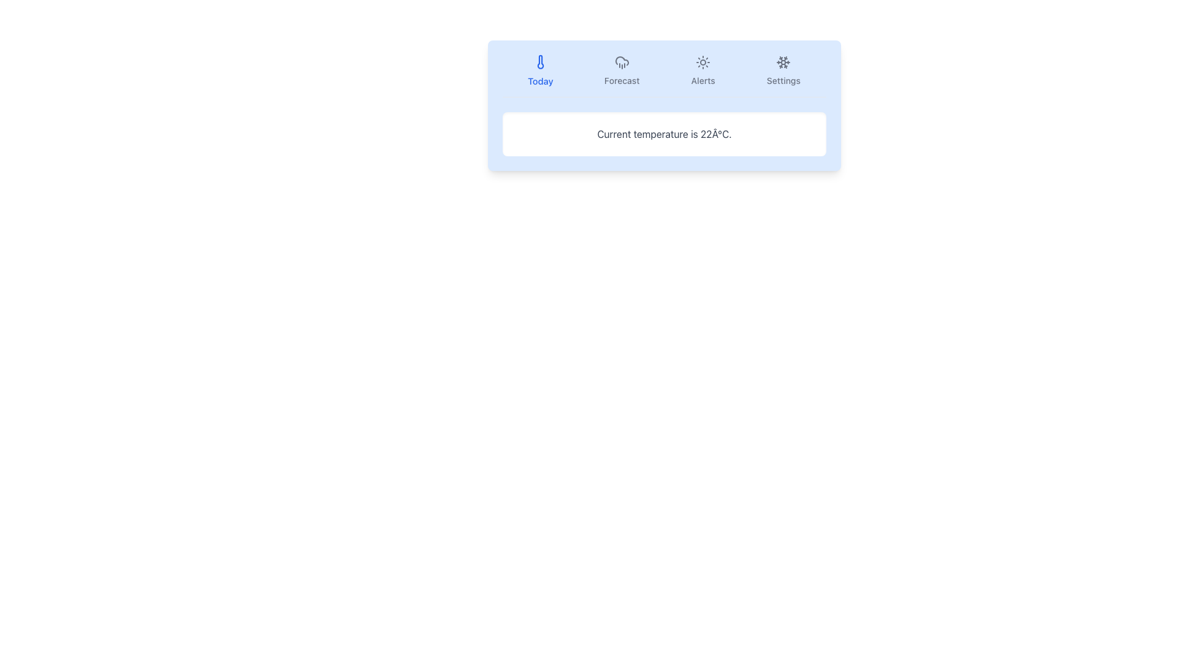  Describe the element at coordinates (539, 62) in the screenshot. I see `the 'Today' icon in the weather application` at that location.